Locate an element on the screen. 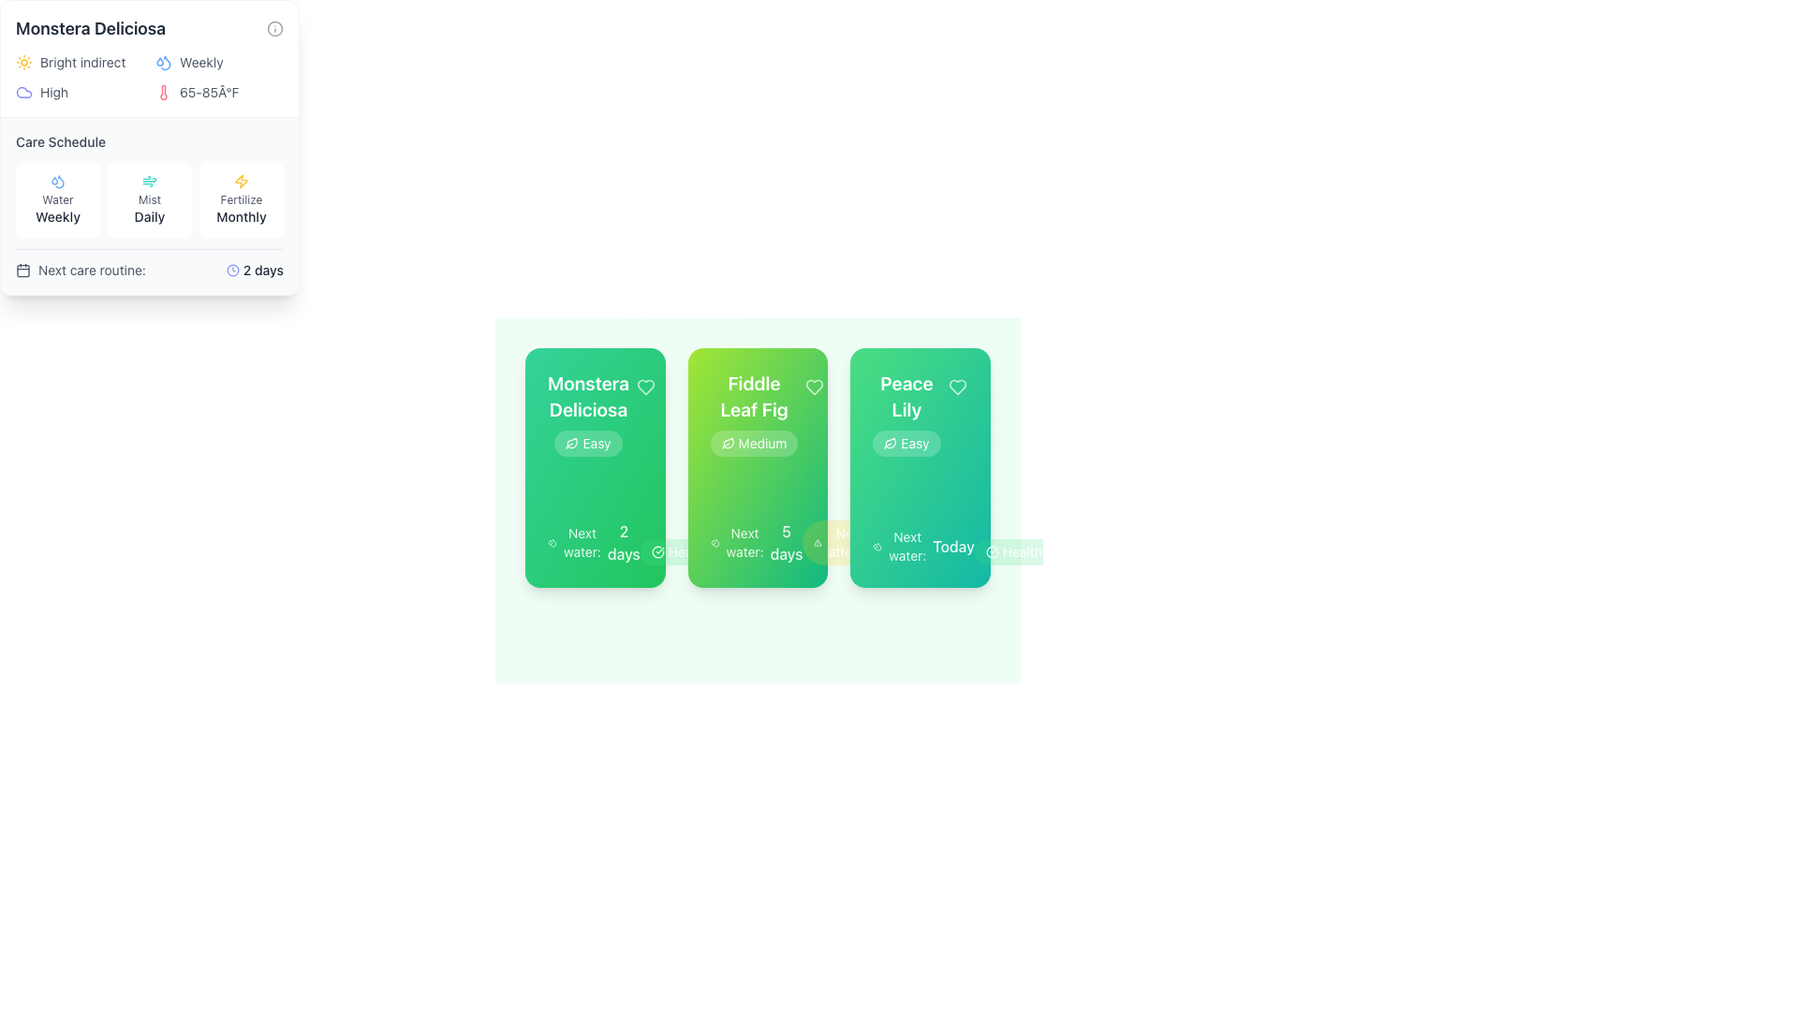  the heart icon located at the top-right corner of the 'Monstera Deliciosa' card to favorite the item is located at coordinates (646, 386).